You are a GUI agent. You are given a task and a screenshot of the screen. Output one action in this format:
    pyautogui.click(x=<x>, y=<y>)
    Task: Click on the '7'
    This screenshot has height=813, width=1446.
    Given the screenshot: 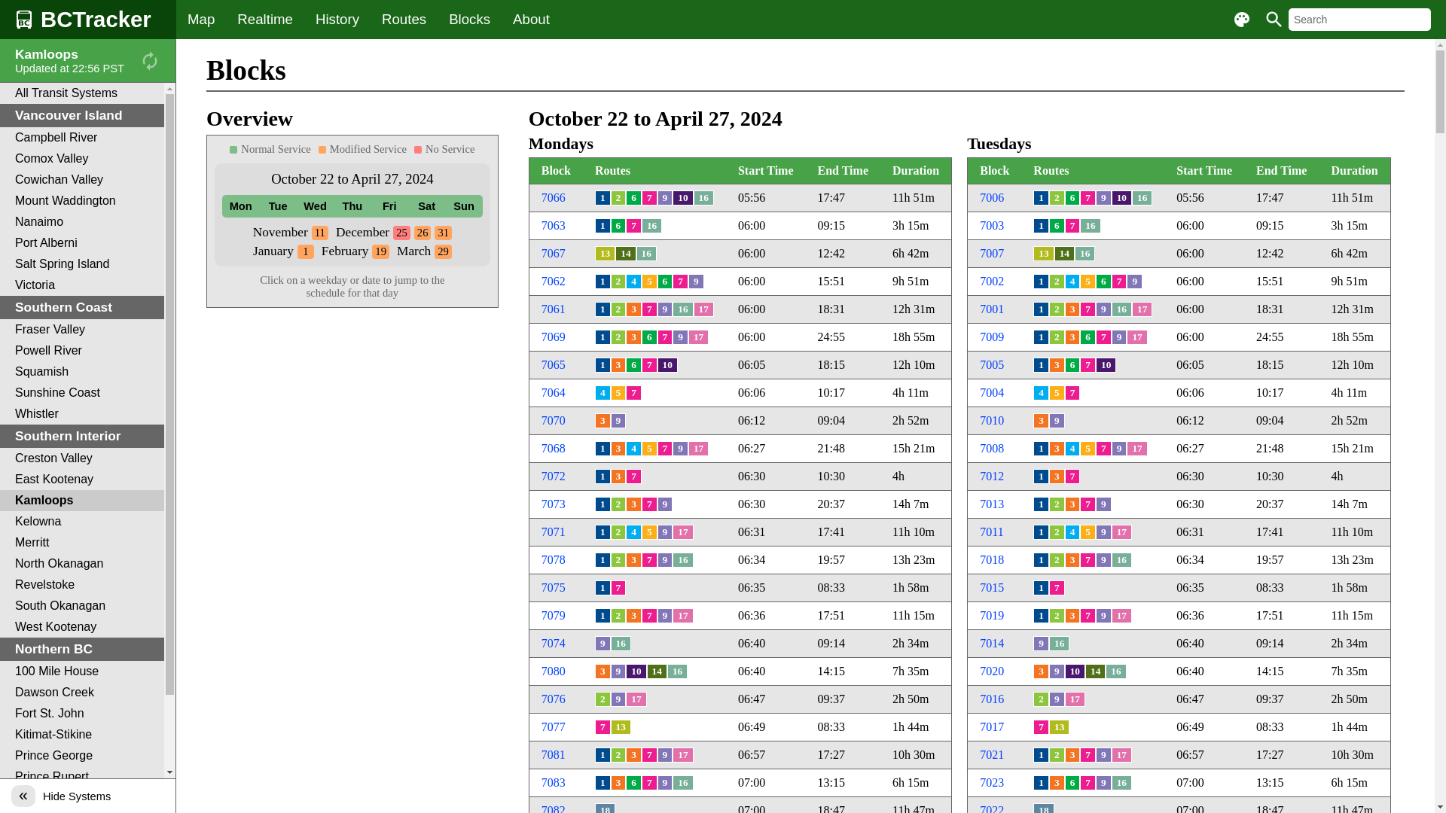 What is the action you would take?
    pyautogui.click(x=664, y=336)
    